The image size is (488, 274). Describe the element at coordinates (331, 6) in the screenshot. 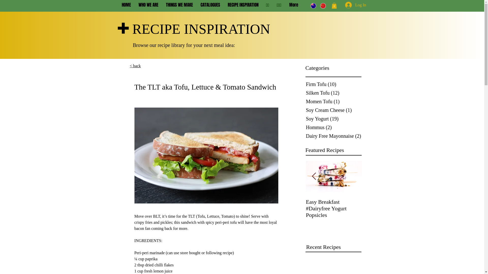

I see `'0'` at that location.